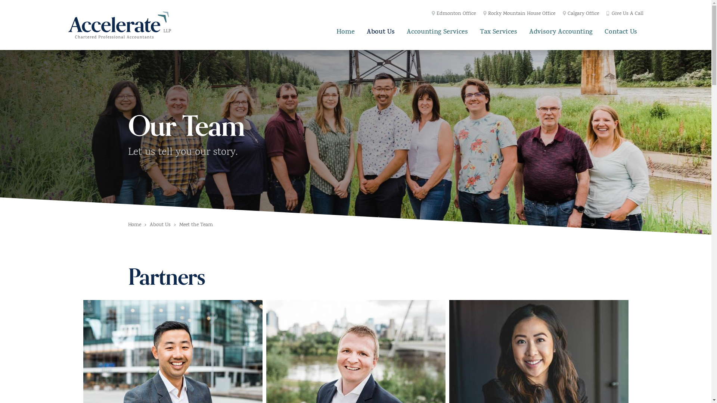 This screenshot has width=717, height=403. What do you see at coordinates (432, 14) in the screenshot?
I see `'Edmonton Office'` at bounding box center [432, 14].